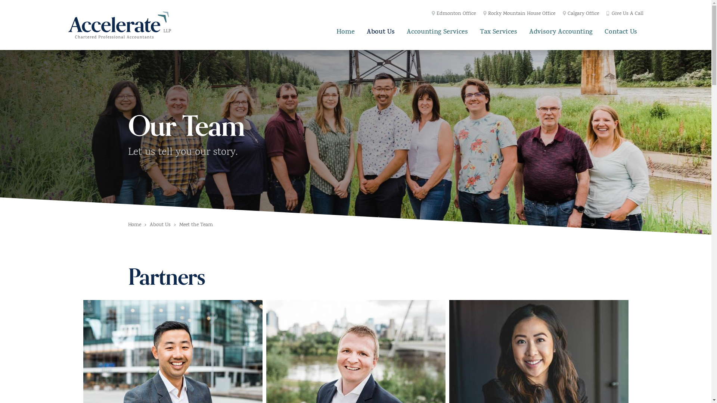 This screenshot has width=717, height=403. What do you see at coordinates (432, 14) in the screenshot?
I see `'Edmonton Office'` at bounding box center [432, 14].